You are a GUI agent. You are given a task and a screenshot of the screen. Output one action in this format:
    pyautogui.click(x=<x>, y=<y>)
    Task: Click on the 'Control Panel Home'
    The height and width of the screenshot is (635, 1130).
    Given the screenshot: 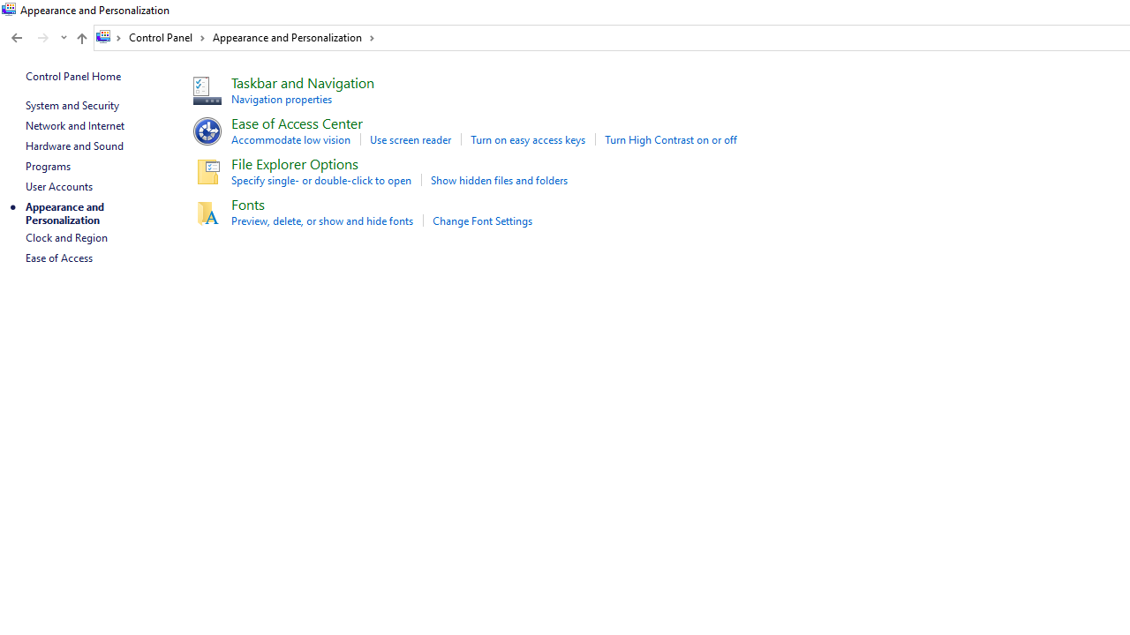 What is the action you would take?
    pyautogui.click(x=72, y=75)
    